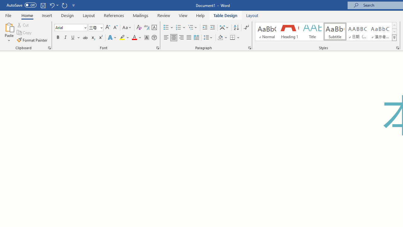  What do you see at coordinates (154, 27) in the screenshot?
I see `'Character Border'` at bounding box center [154, 27].